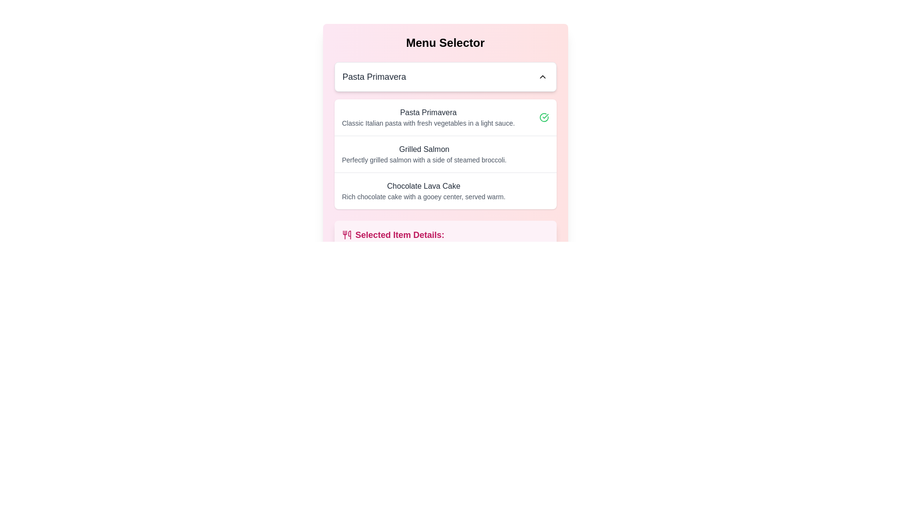 The image size is (919, 516). I want to click on the descriptive text that reads 'Perfectly grilled salmon with a side of steamed broccoli,' which is styled with a smaller font and lighter gray color, located directly below the heading 'Grilled Salmon.', so click(424, 160).